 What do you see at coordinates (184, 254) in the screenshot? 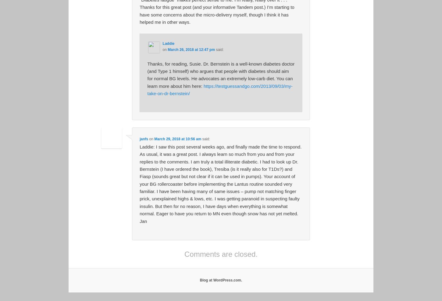
I see `'Comments are closed.'` at bounding box center [184, 254].